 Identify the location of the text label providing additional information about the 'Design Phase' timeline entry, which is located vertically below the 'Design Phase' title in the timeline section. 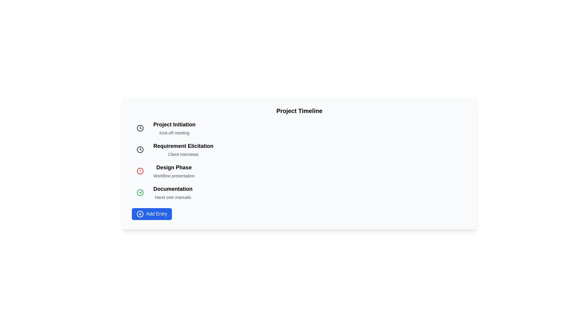
(174, 176).